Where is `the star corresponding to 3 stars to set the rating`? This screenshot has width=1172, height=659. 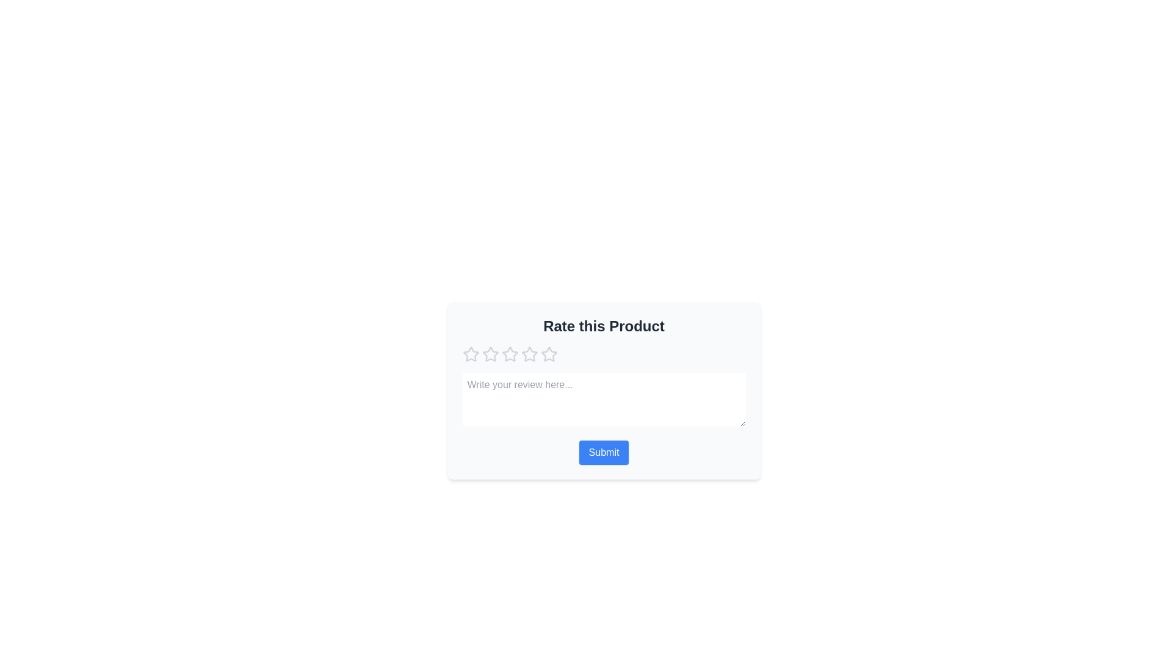
the star corresponding to 3 stars to set the rating is located at coordinates (510, 355).